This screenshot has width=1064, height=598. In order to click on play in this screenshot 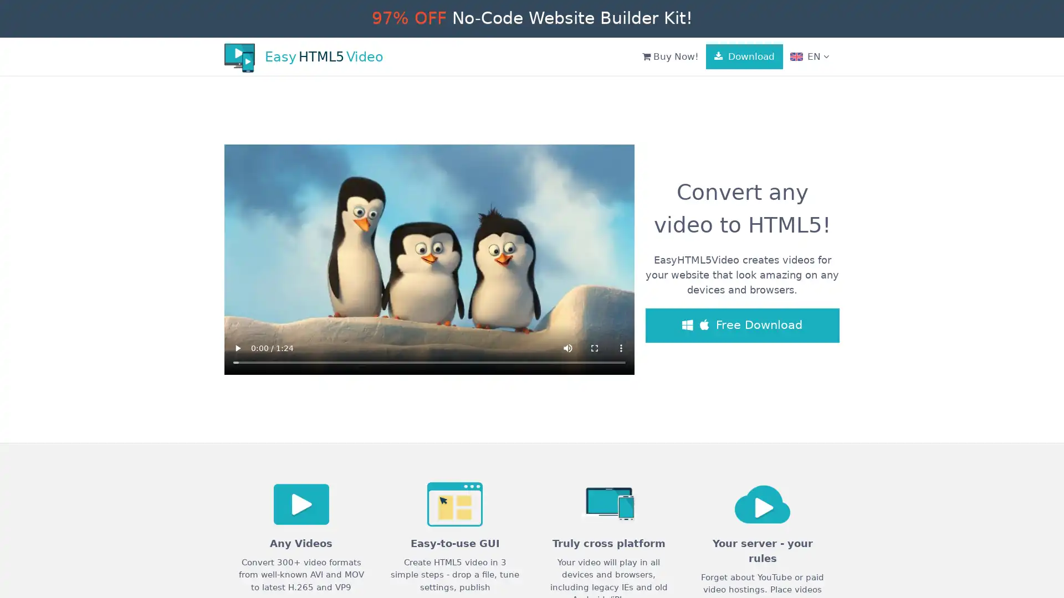, I will do `click(237, 347)`.